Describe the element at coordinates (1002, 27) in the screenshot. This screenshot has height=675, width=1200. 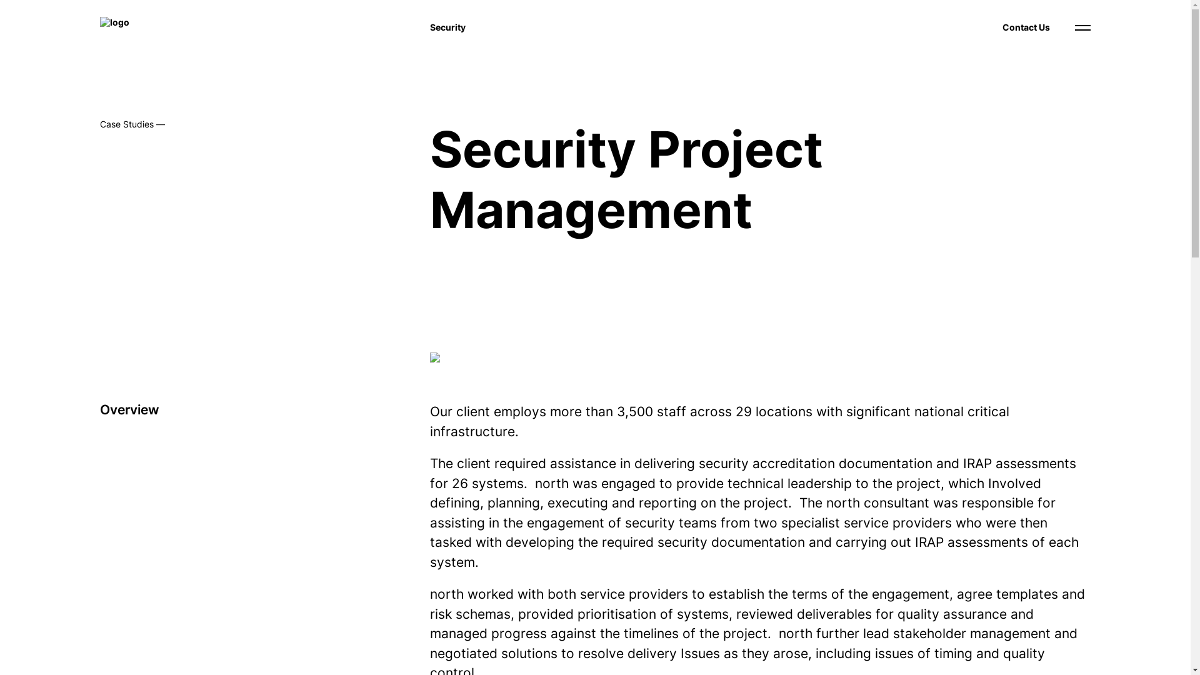
I see `'Contact Us'` at that location.